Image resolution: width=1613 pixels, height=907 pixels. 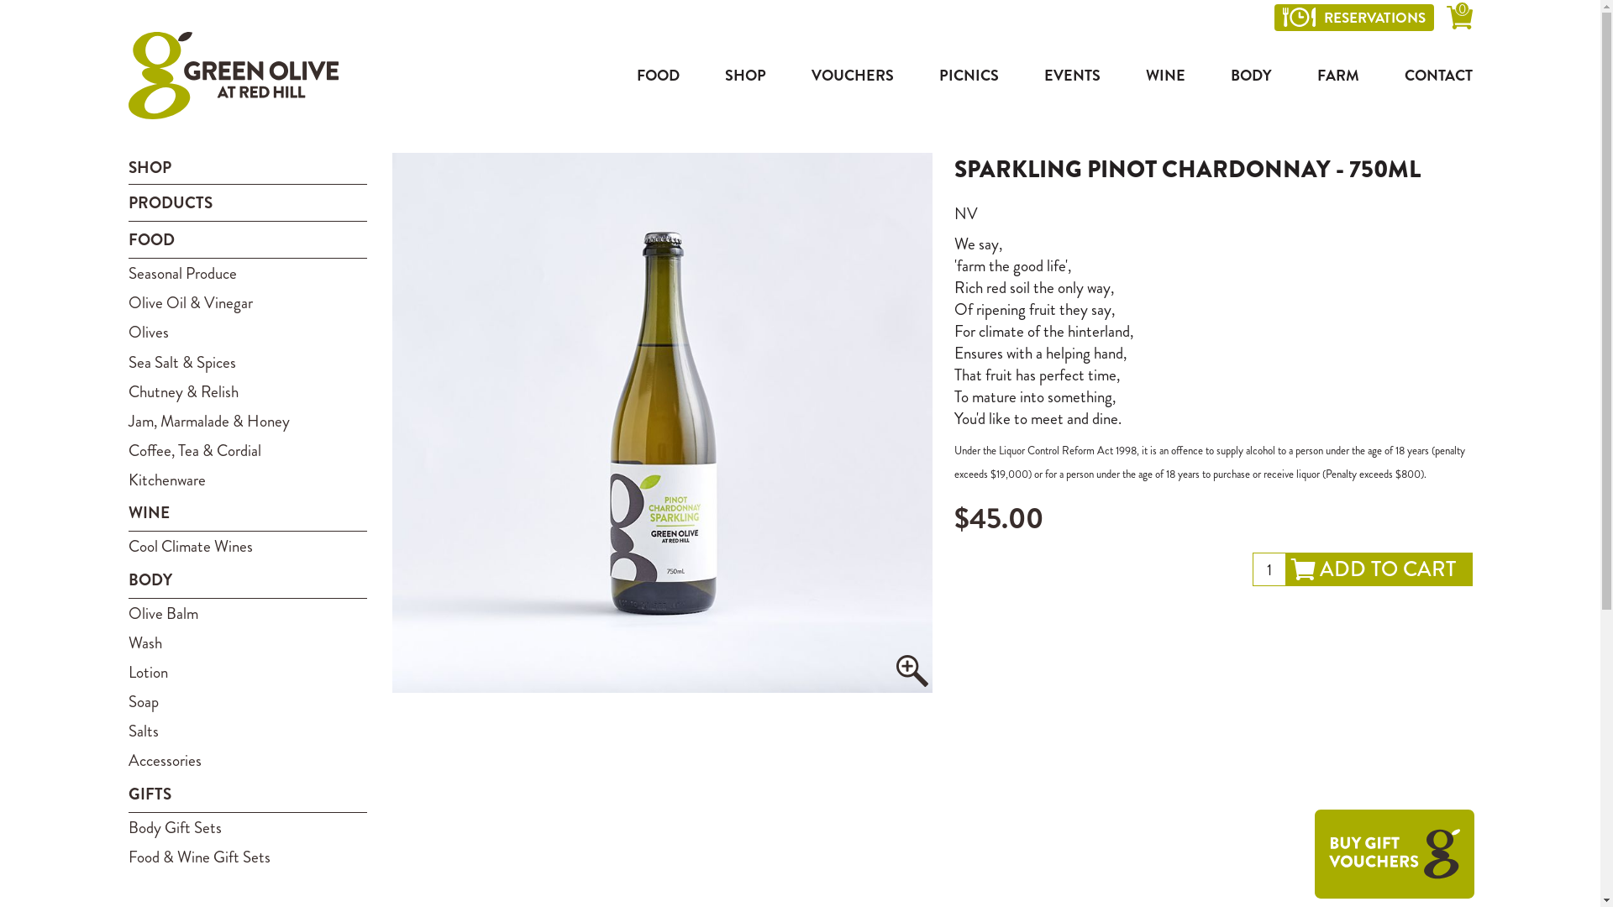 What do you see at coordinates (127, 546) in the screenshot?
I see `'Cool Climate Wines'` at bounding box center [127, 546].